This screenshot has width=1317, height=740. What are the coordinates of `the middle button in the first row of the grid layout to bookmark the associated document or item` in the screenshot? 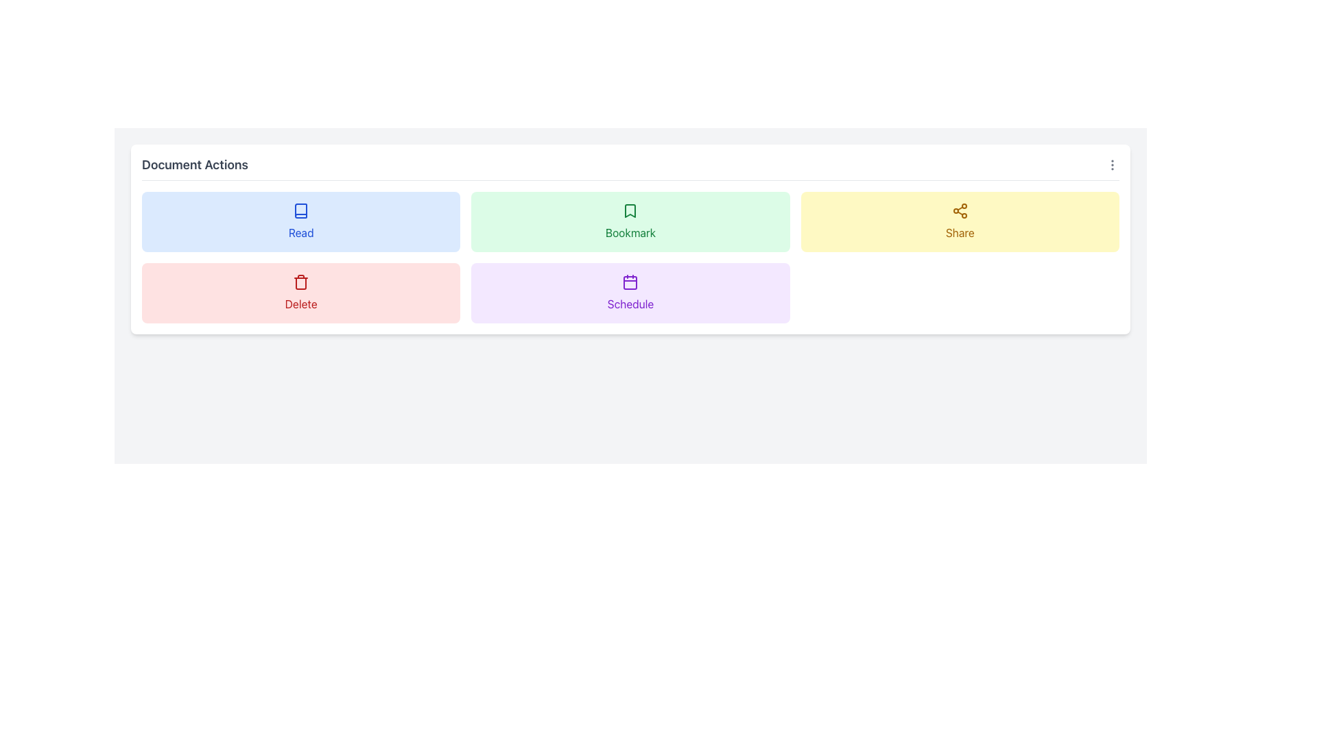 It's located at (630, 221).